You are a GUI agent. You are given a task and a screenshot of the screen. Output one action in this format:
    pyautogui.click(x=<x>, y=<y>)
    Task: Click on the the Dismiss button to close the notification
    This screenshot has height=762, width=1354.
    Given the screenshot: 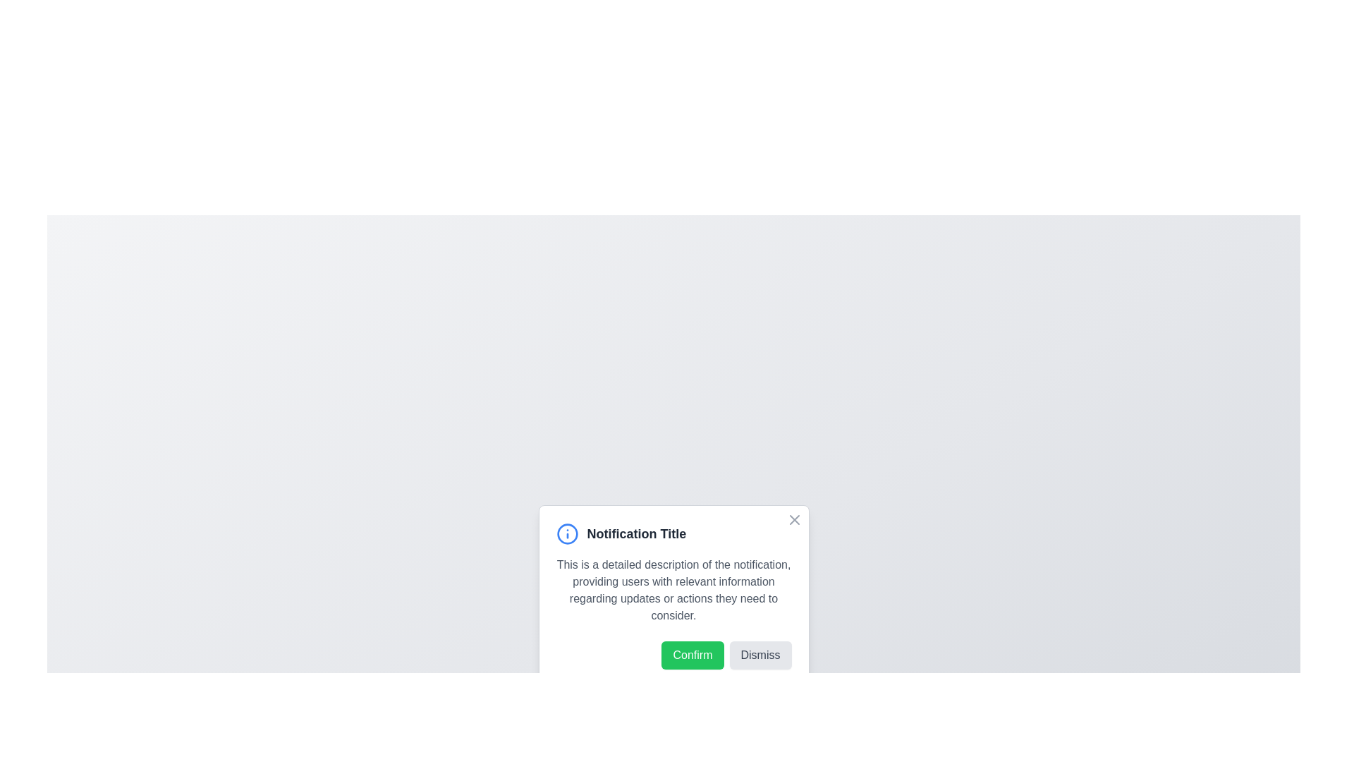 What is the action you would take?
    pyautogui.click(x=760, y=655)
    